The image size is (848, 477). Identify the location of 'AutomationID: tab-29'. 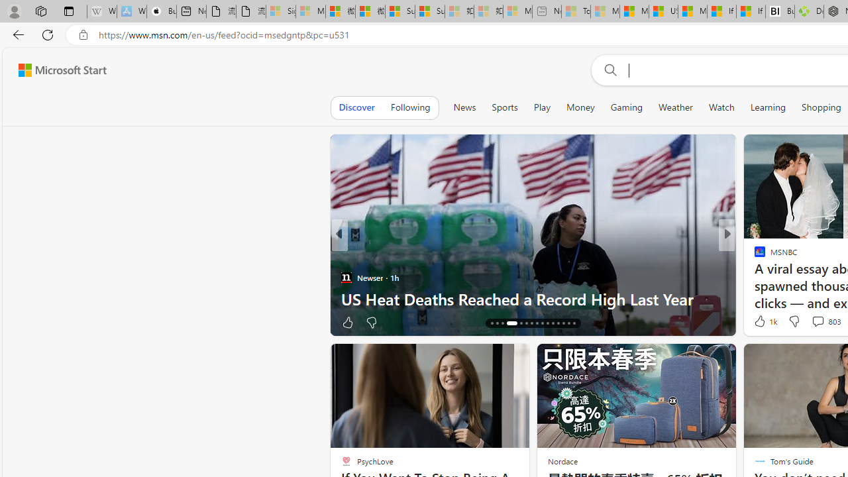
(568, 323).